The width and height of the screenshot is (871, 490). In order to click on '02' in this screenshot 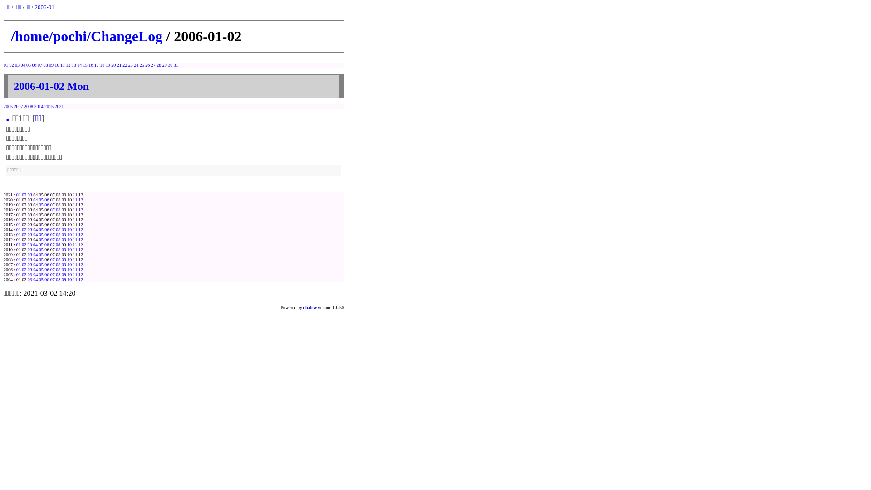, I will do `click(24, 265)`.